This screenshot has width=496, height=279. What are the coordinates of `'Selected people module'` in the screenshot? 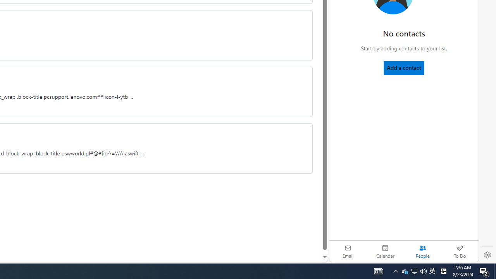 It's located at (422, 251).